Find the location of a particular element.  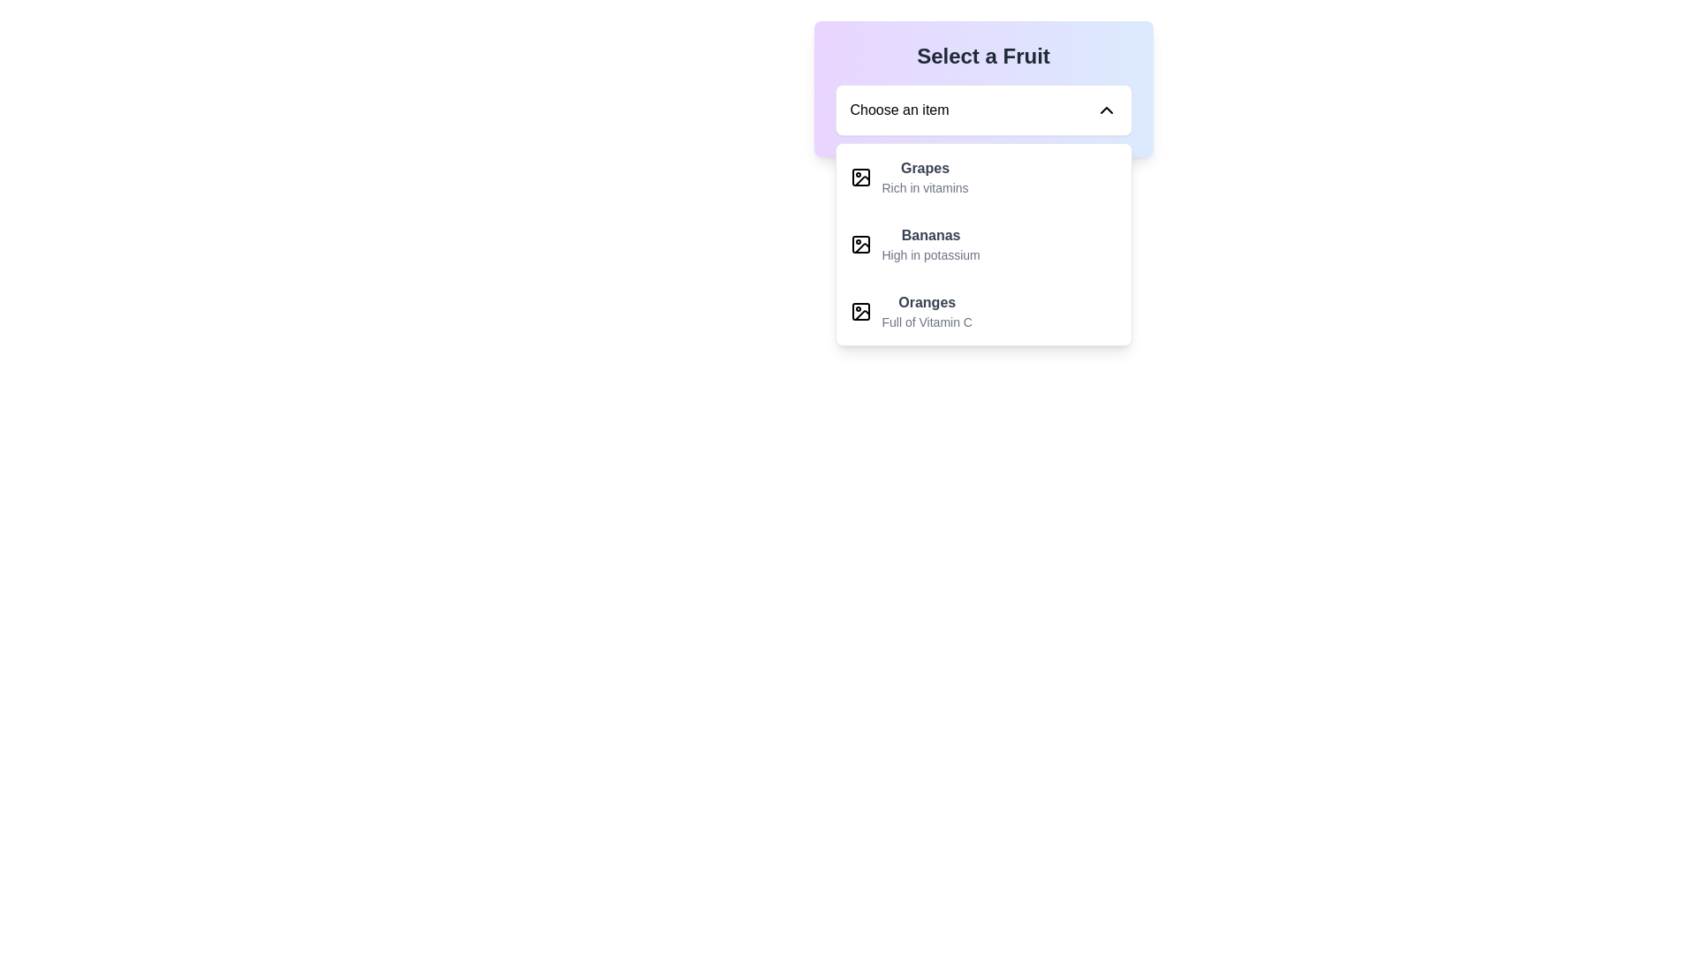

the dropdown menu labeled 'Choose an item' within the composite element 'Select a Fruit' is located at coordinates (982, 88).